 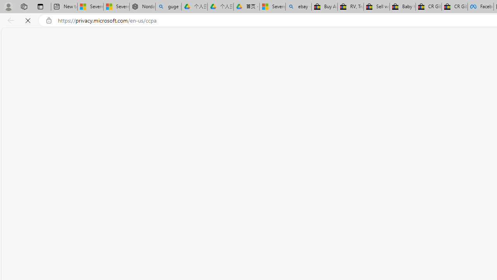 What do you see at coordinates (324, 7) in the screenshot?
I see `'Buy Auto Parts & Accessories | eBay'` at bounding box center [324, 7].